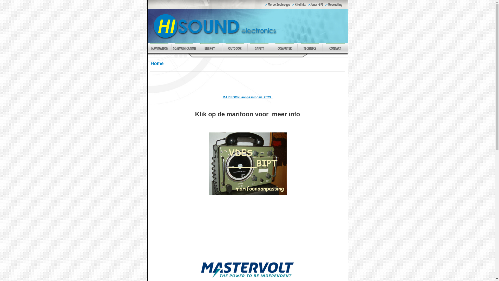  What do you see at coordinates (147, 52) in the screenshot?
I see `'Navigation'` at bounding box center [147, 52].